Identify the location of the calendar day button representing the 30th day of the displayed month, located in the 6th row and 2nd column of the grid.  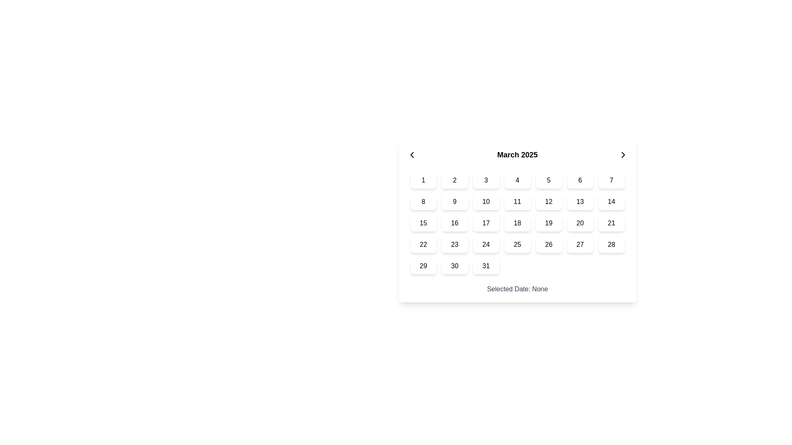
(454, 266).